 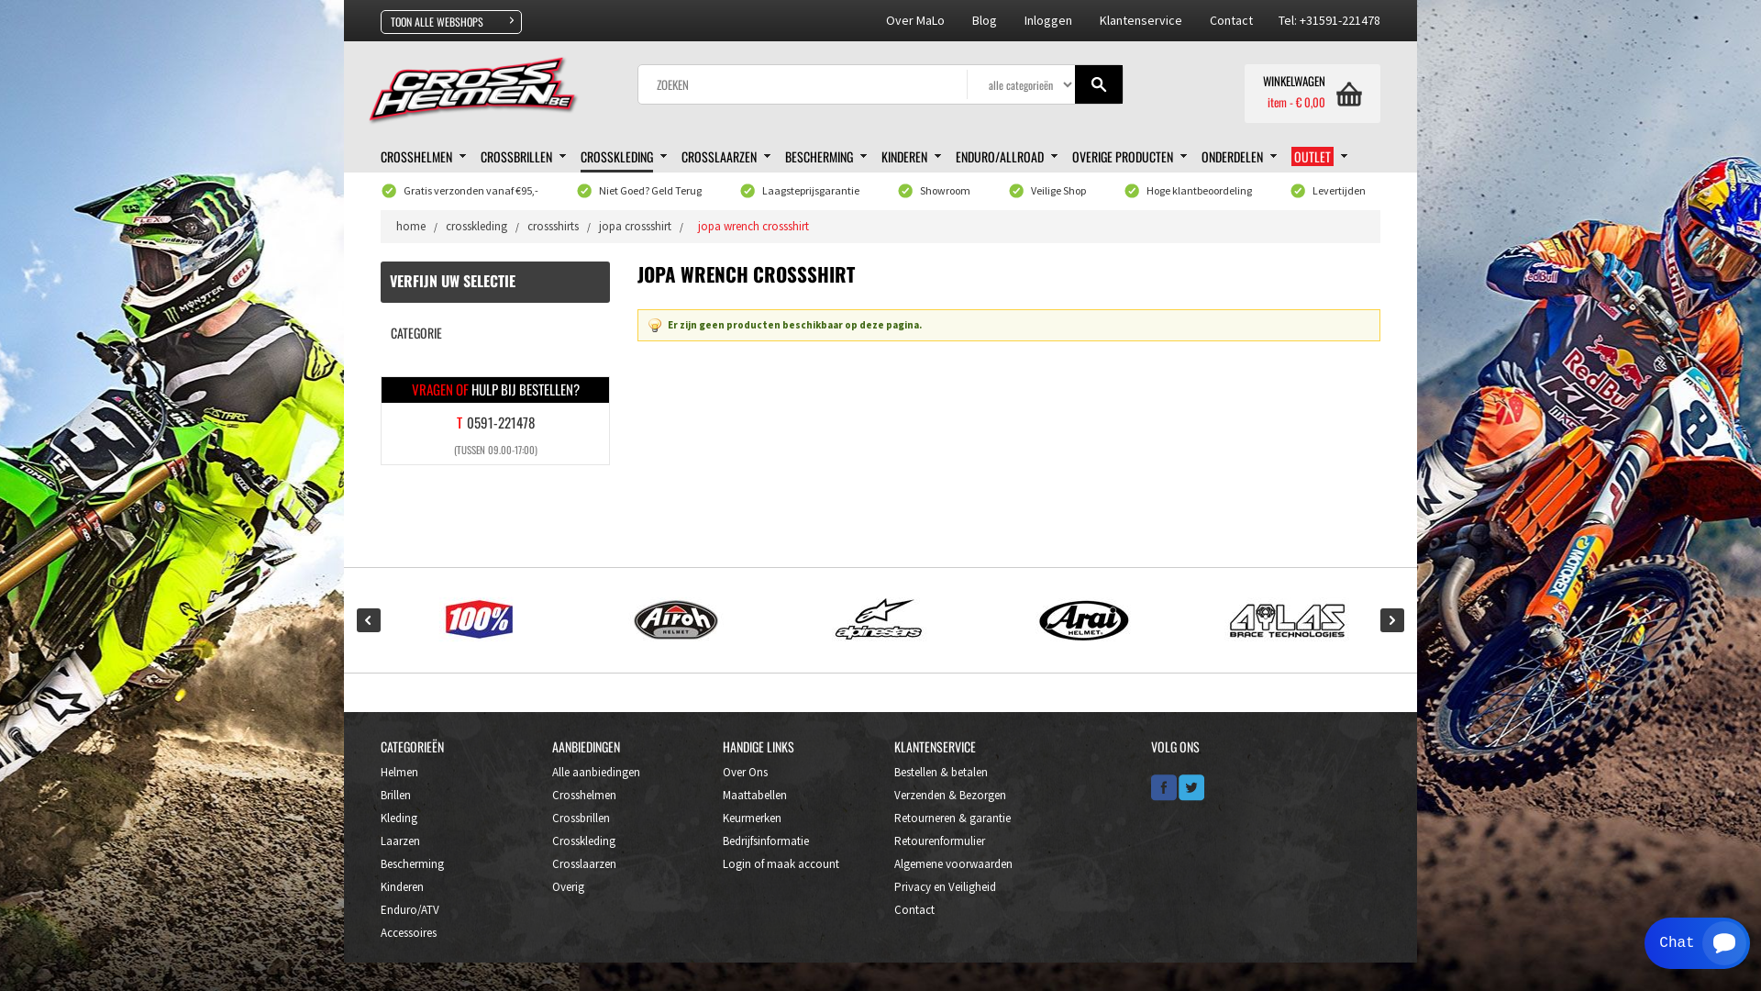 I want to click on '0591-221478', so click(x=500, y=421).